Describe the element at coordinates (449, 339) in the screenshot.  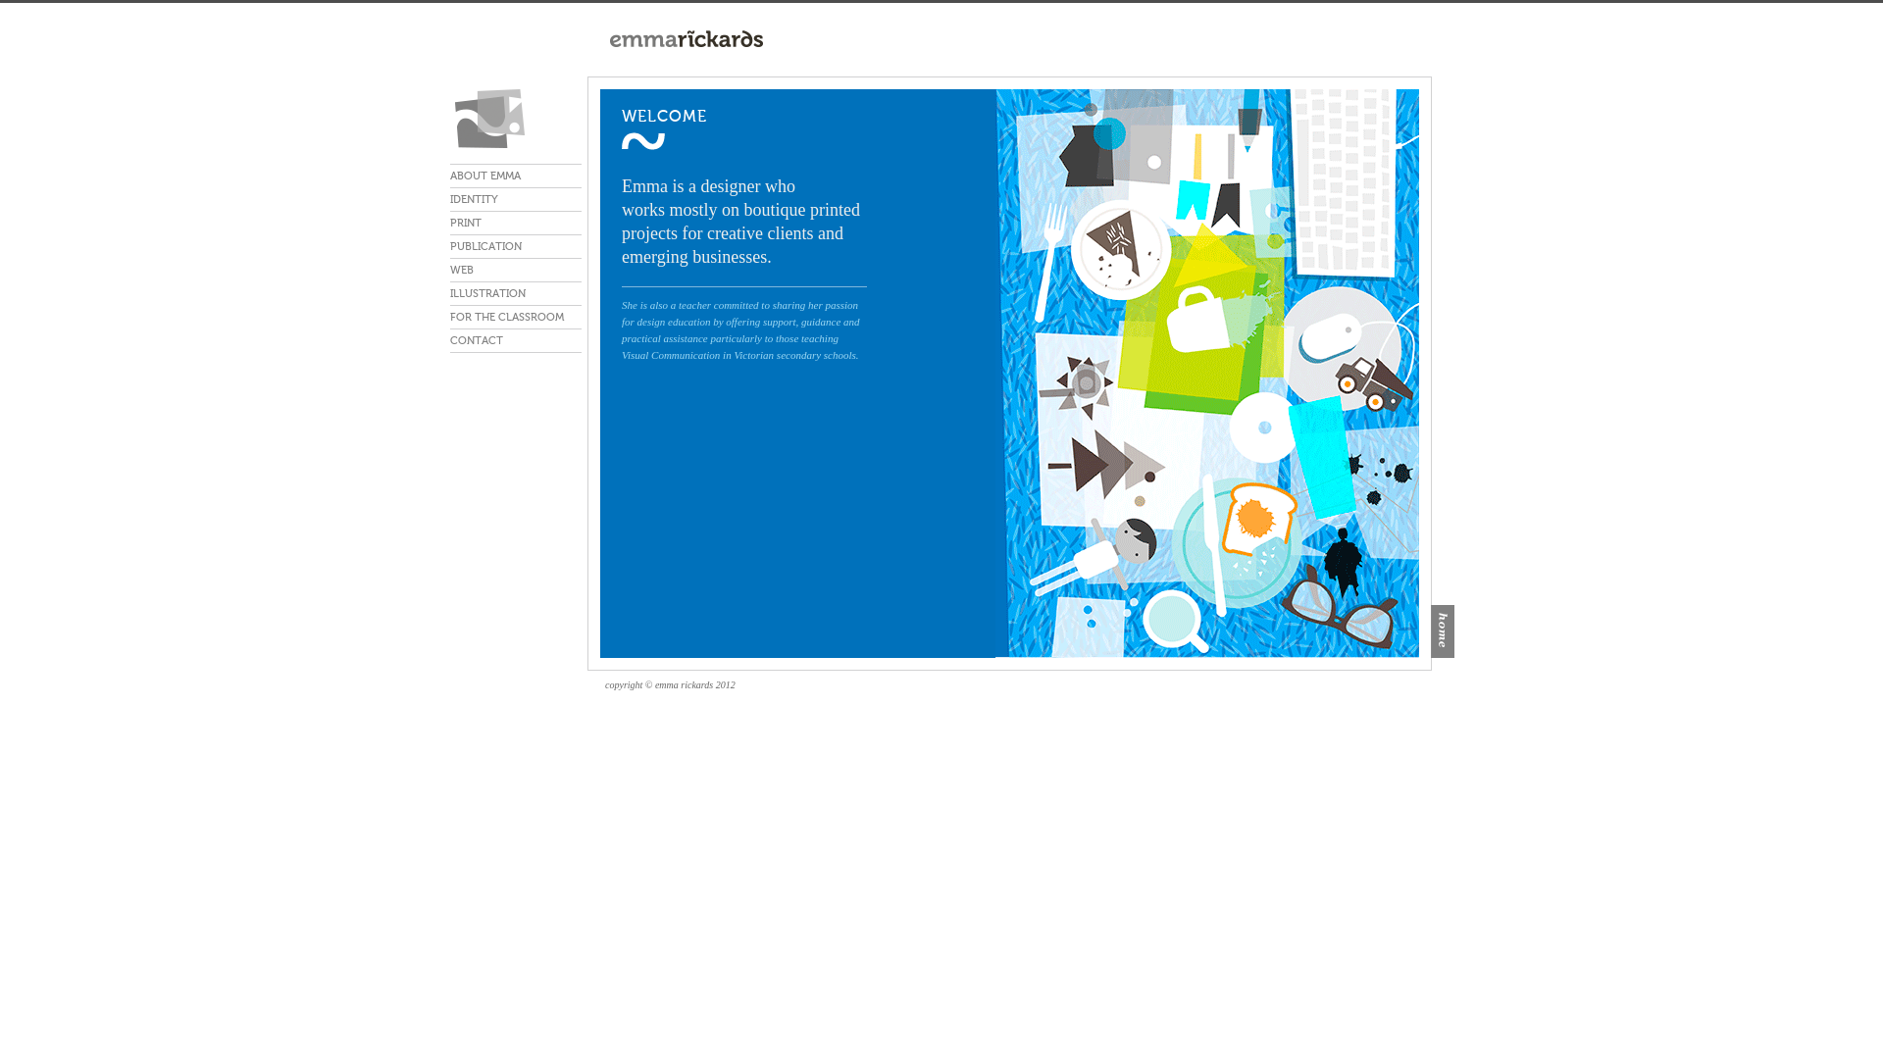
I see `'CONTACT'` at that location.